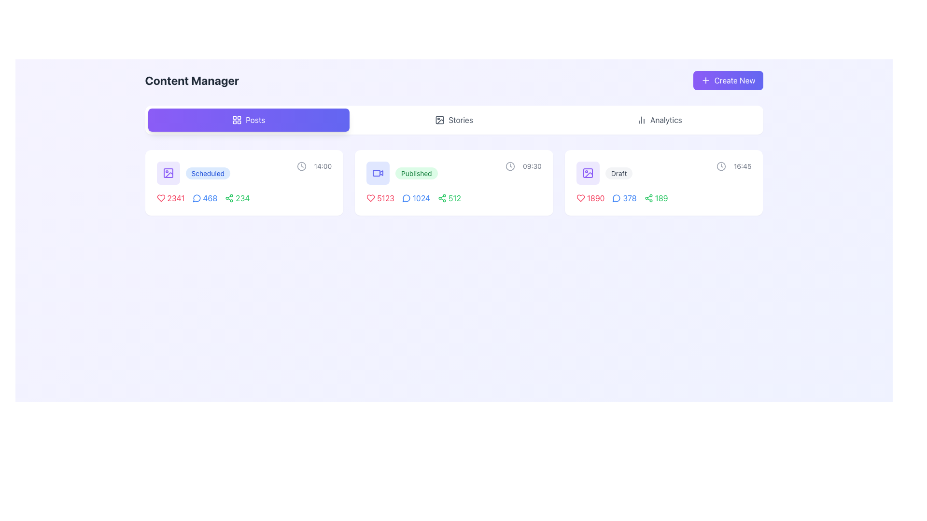  Describe the element at coordinates (192, 80) in the screenshot. I see `the heading text labeled 'Content Manager' located in the top-left section of the header, which indicates the current section of the interface` at that location.